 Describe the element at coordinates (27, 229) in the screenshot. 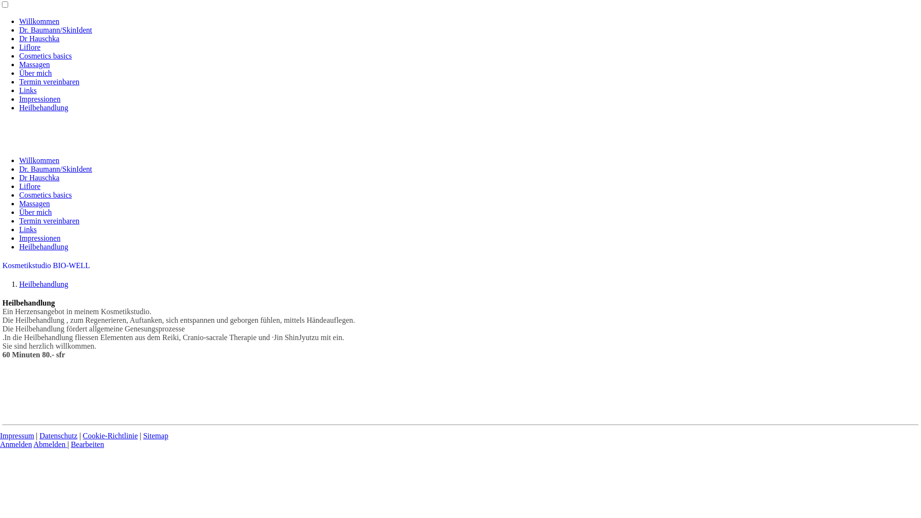

I see `'Links'` at that location.